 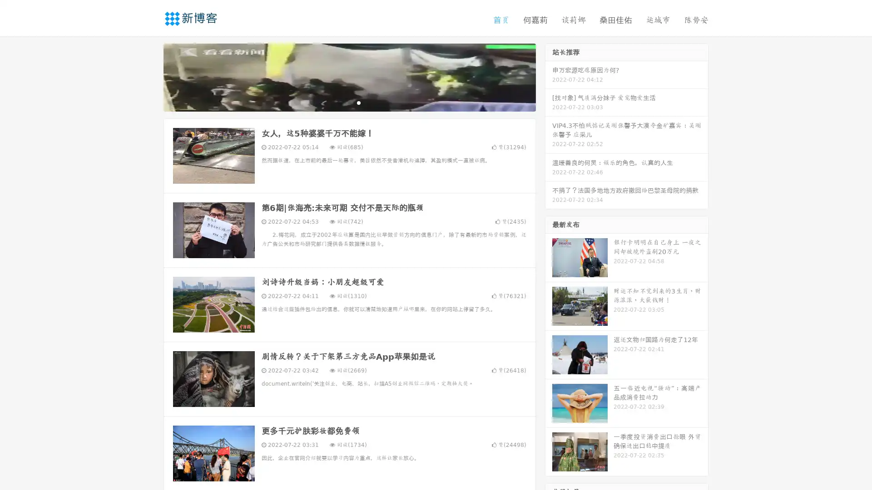 What do you see at coordinates (358, 102) in the screenshot?
I see `Go to slide 3` at bounding box center [358, 102].